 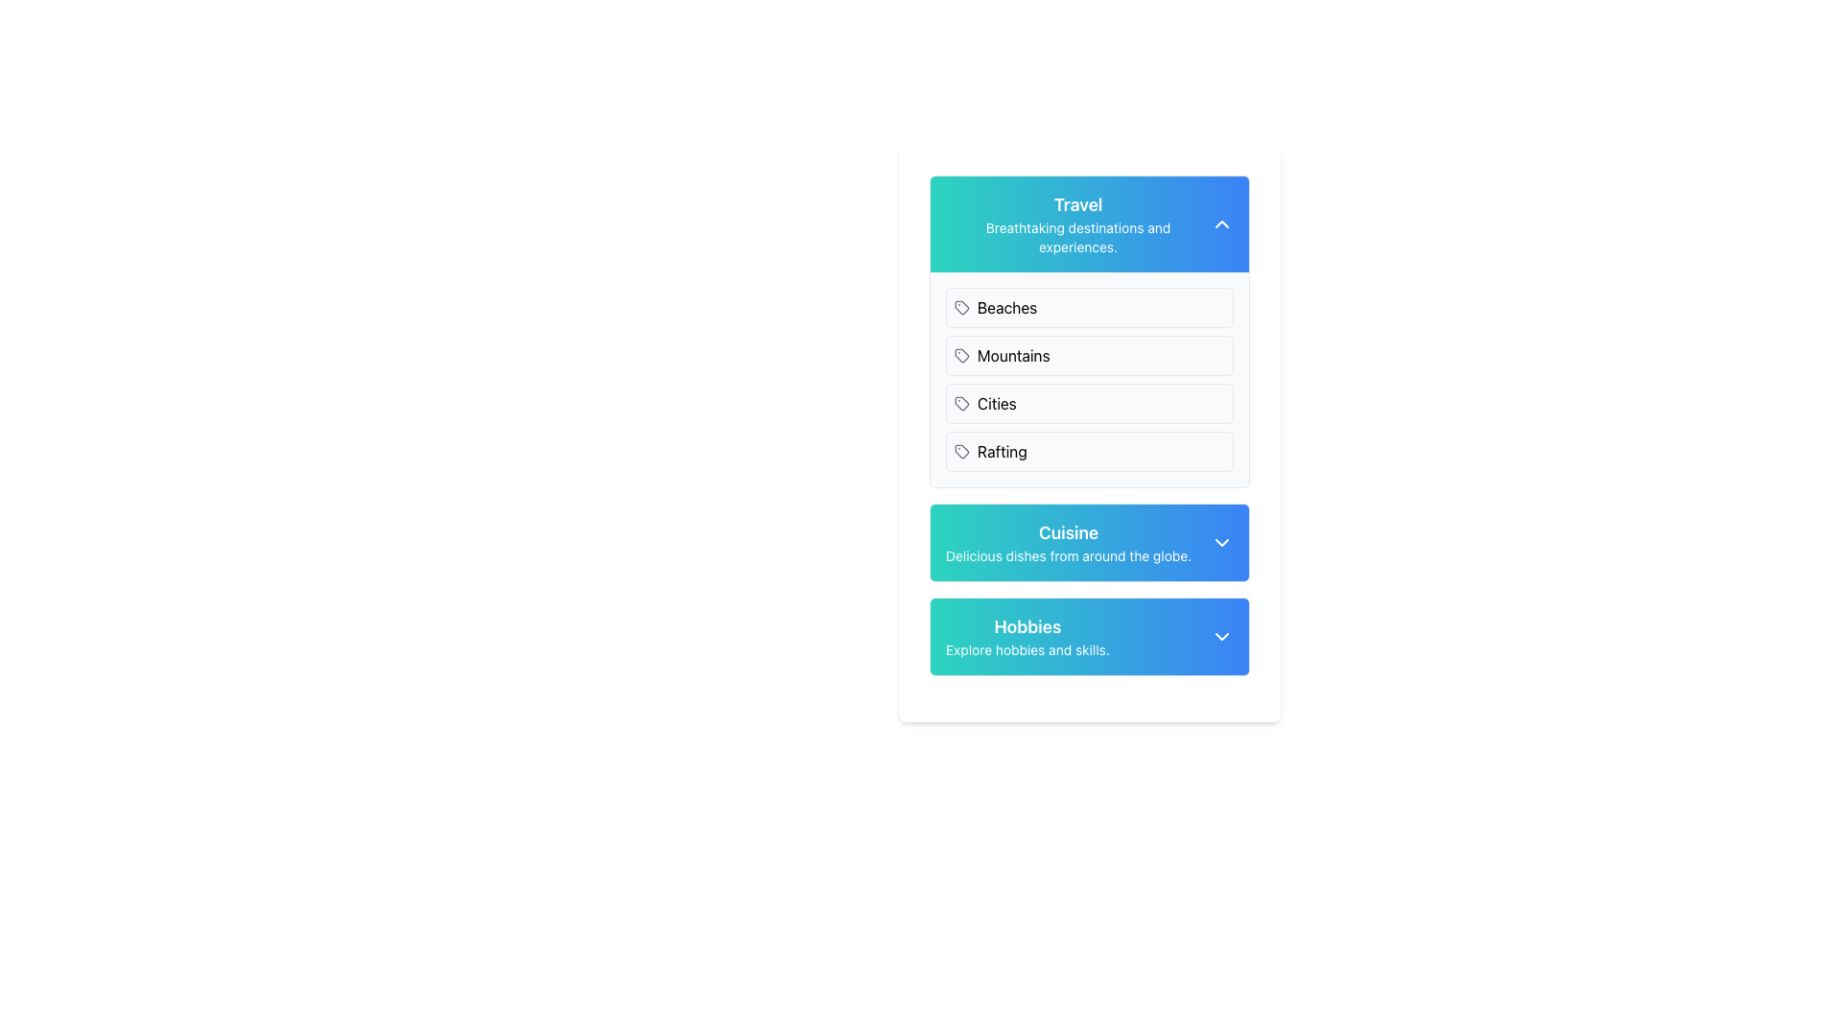 What do you see at coordinates (1090, 543) in the screenshot?
I see `the Collapsible section header for 'Cuisine'` at bounding box center [1090, 543].